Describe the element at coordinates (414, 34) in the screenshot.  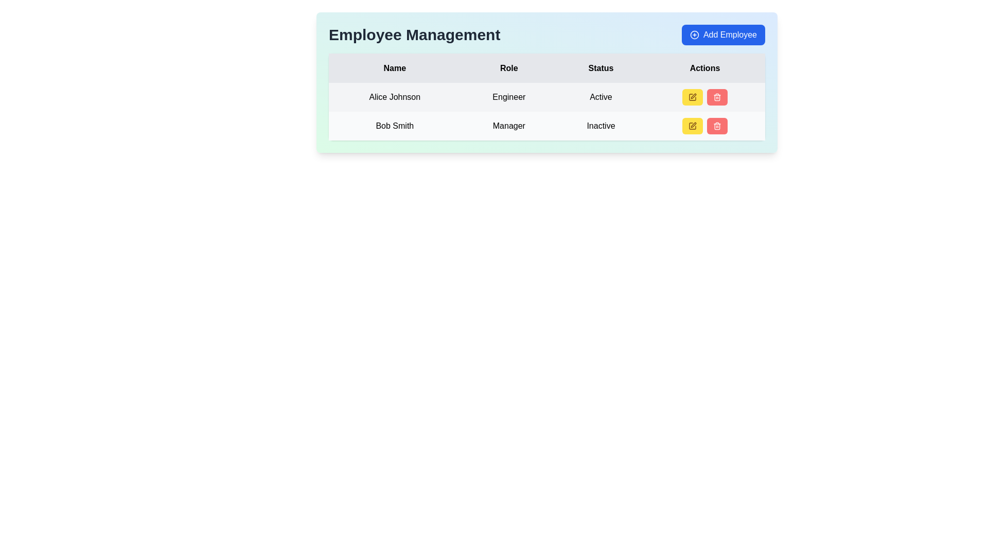
I see `the bold, large-font header text stating 'Employee Management', which is positioned at the top-left corner of the content section` at that location.